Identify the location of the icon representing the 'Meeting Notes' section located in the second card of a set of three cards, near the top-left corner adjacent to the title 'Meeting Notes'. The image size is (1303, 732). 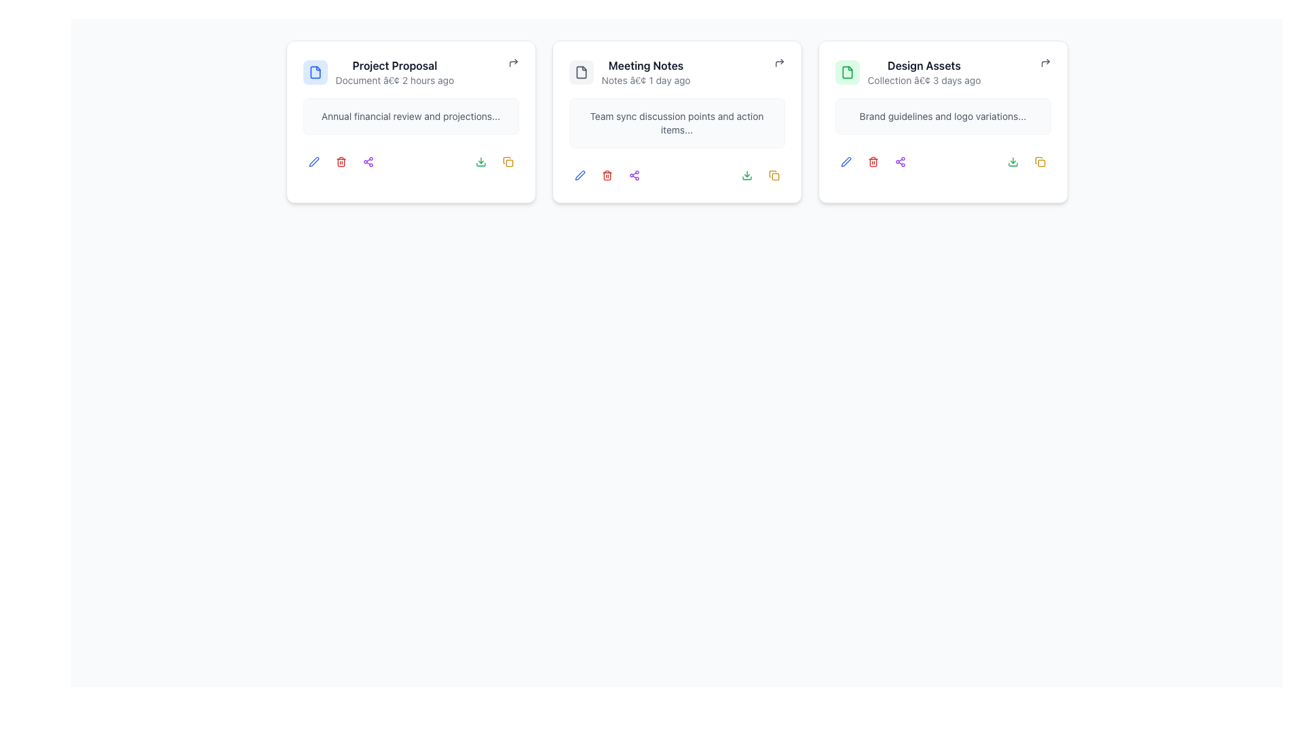
(581, 73).